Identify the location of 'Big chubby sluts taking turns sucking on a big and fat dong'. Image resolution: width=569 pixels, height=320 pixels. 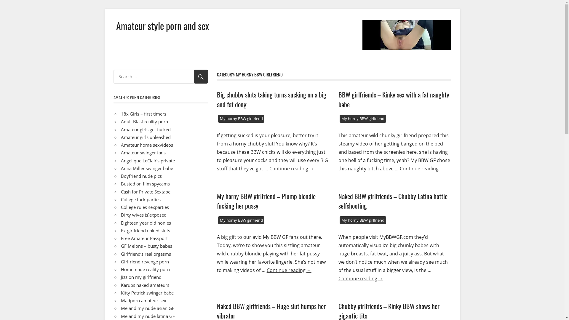
(271, 99).